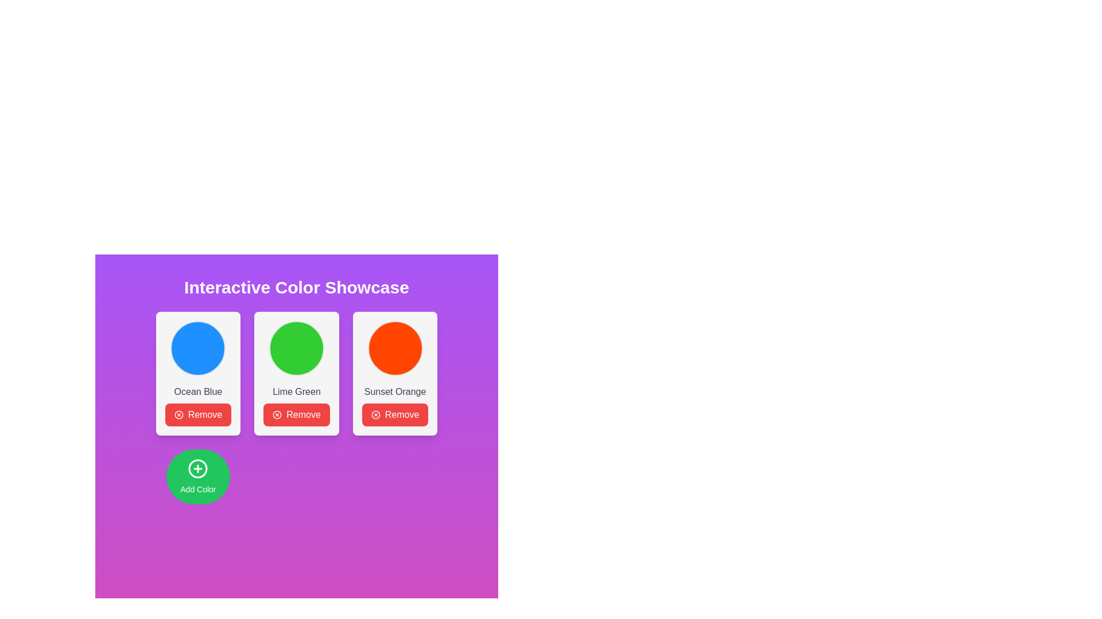  Describe the element at coordinates (198, 373) in the screenshot. I see `color and label displayed on the 'Ocean Blue' card, which is the first card in the grid with a red button labeled 'Remove' below it` at that location.